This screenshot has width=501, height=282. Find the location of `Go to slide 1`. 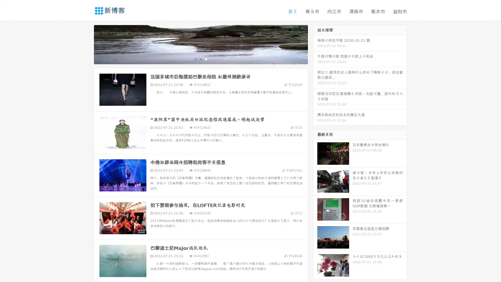

Go to slide 1 is located at coordinates (195, 59).